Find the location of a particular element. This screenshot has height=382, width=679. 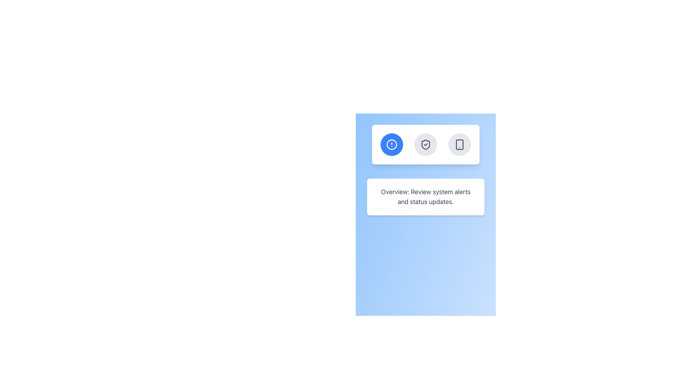

the Text block that displays 'Overview: Review system alerts and status updates.' which is a white rectangular area with rounded corners located centrally below a row of three circular buttons is located at coordinates (425, 197).